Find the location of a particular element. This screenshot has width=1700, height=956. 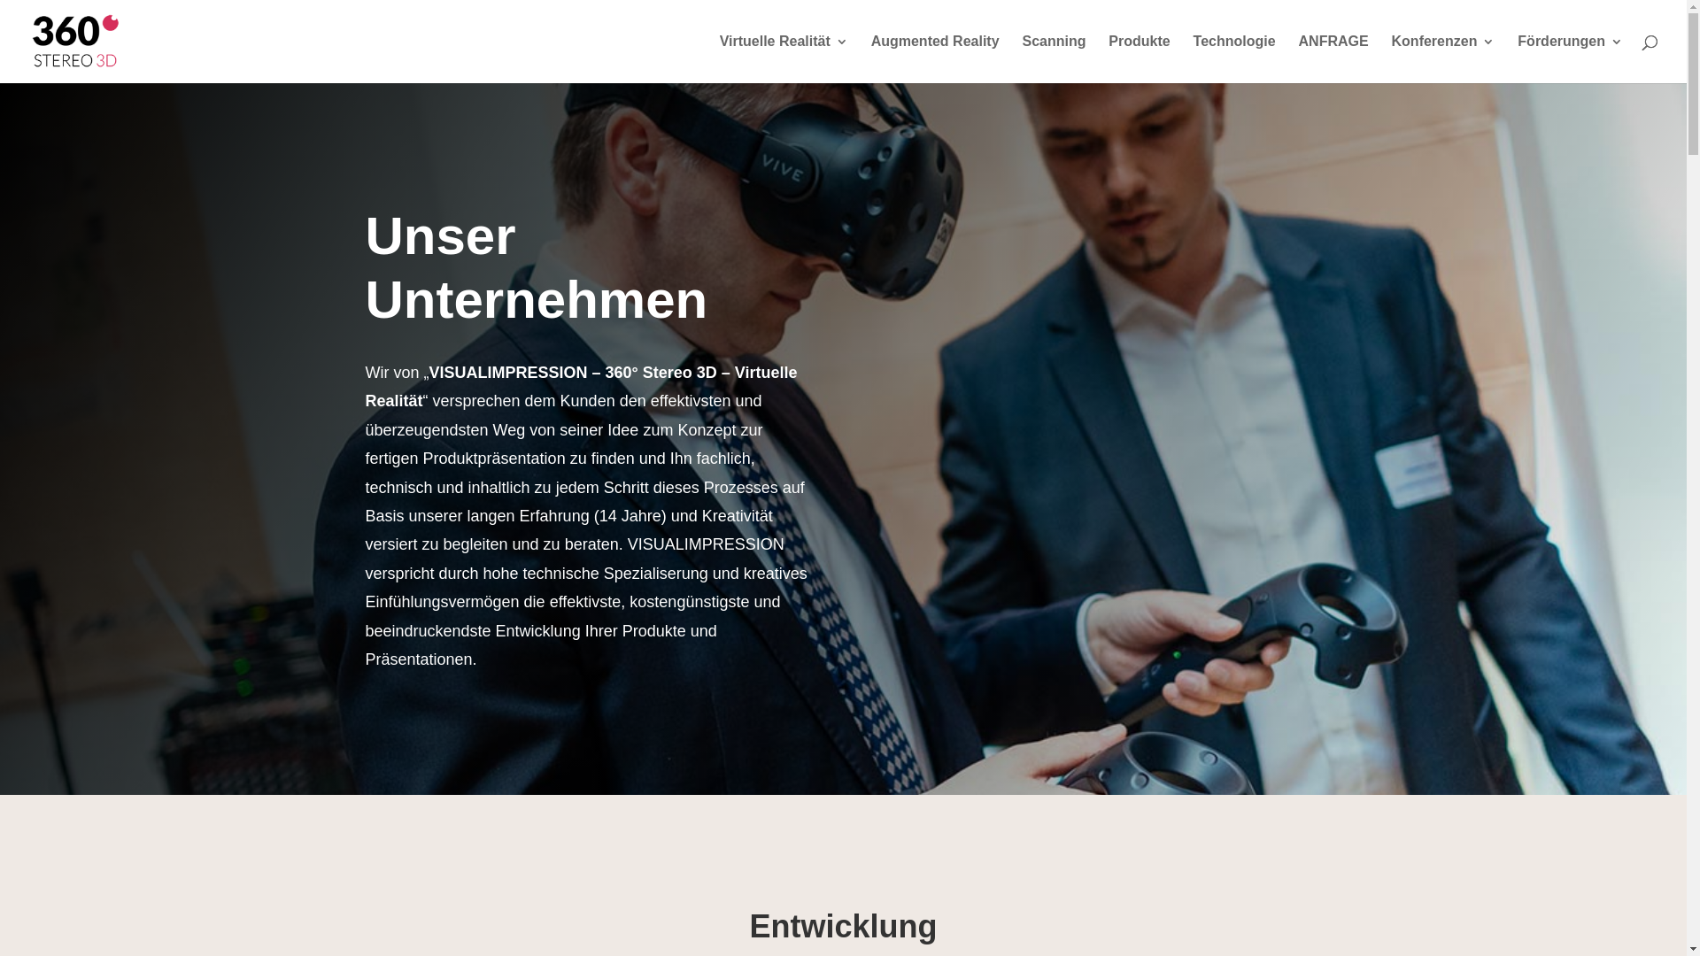

'ANFRAGE' is located at coordinates (1333, 58).